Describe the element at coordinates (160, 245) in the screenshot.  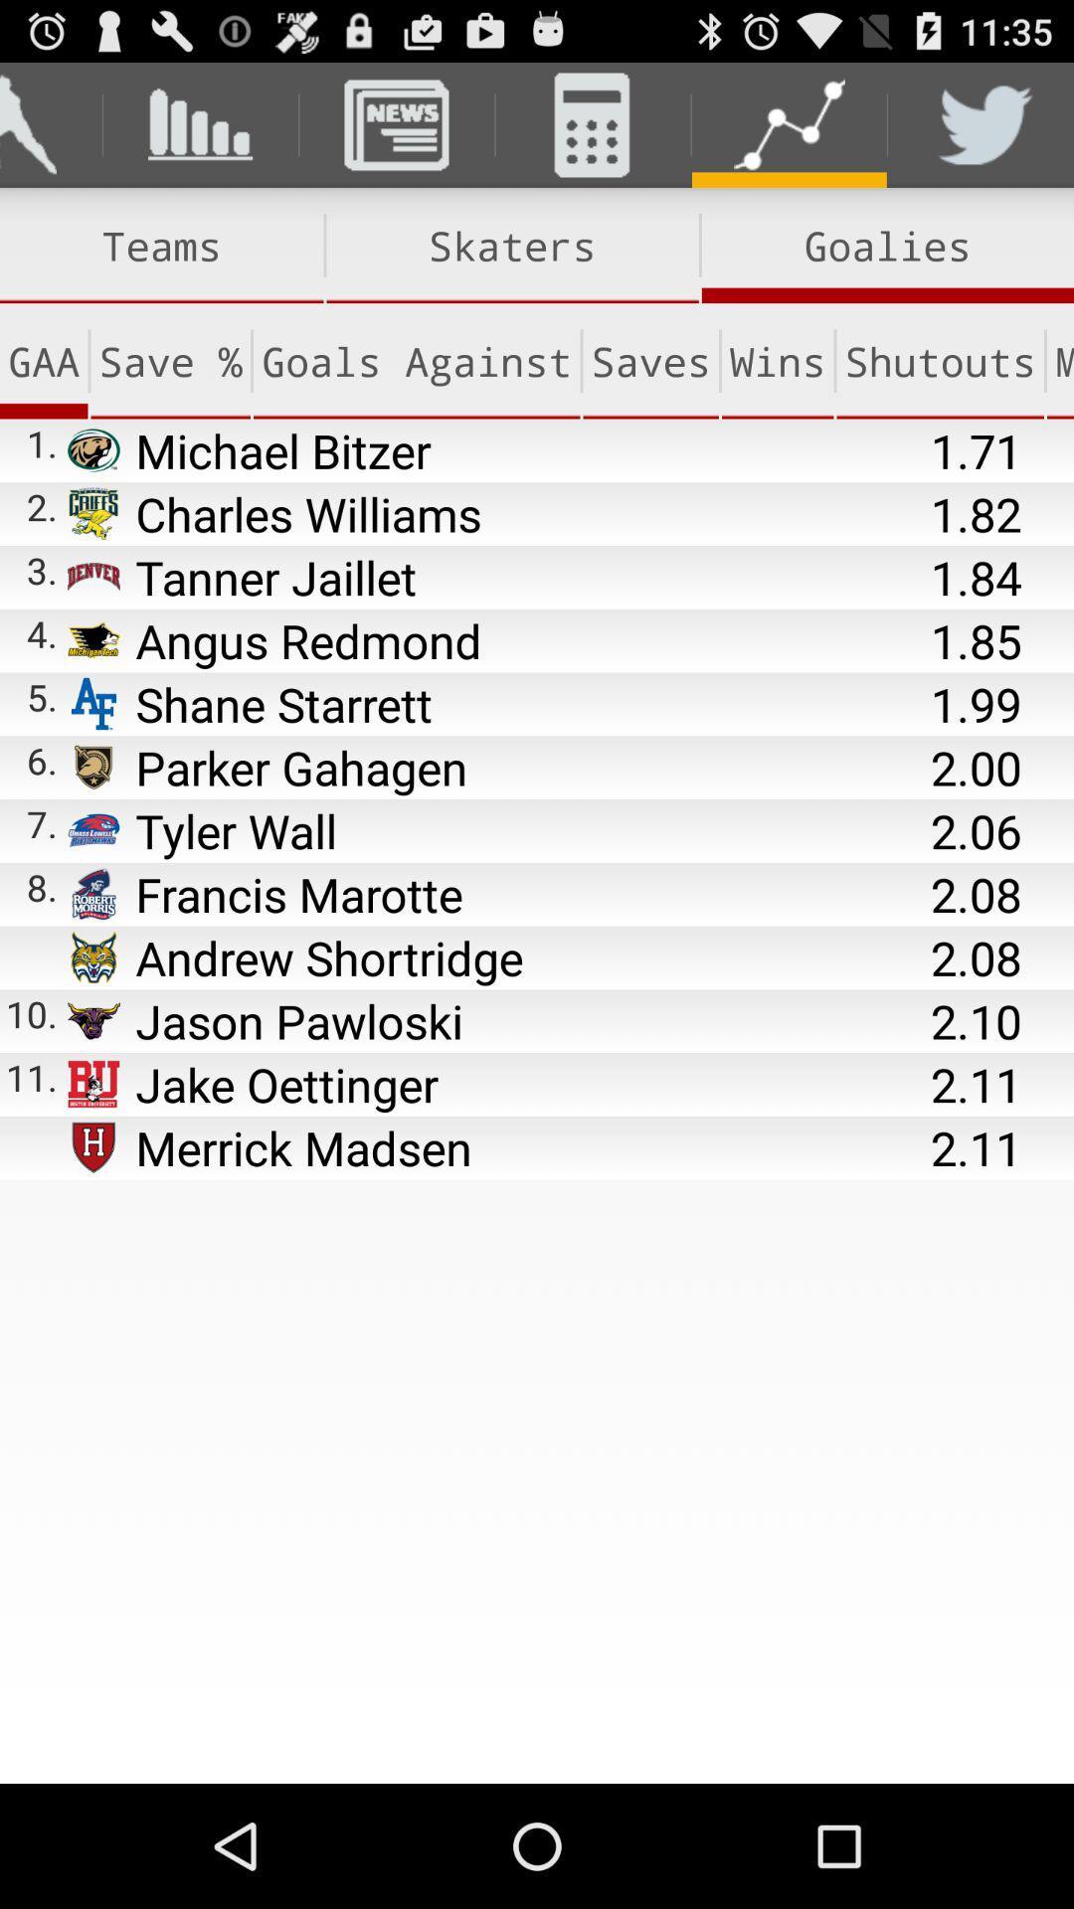
I see `icon to the left of the skaters icon` at that location.